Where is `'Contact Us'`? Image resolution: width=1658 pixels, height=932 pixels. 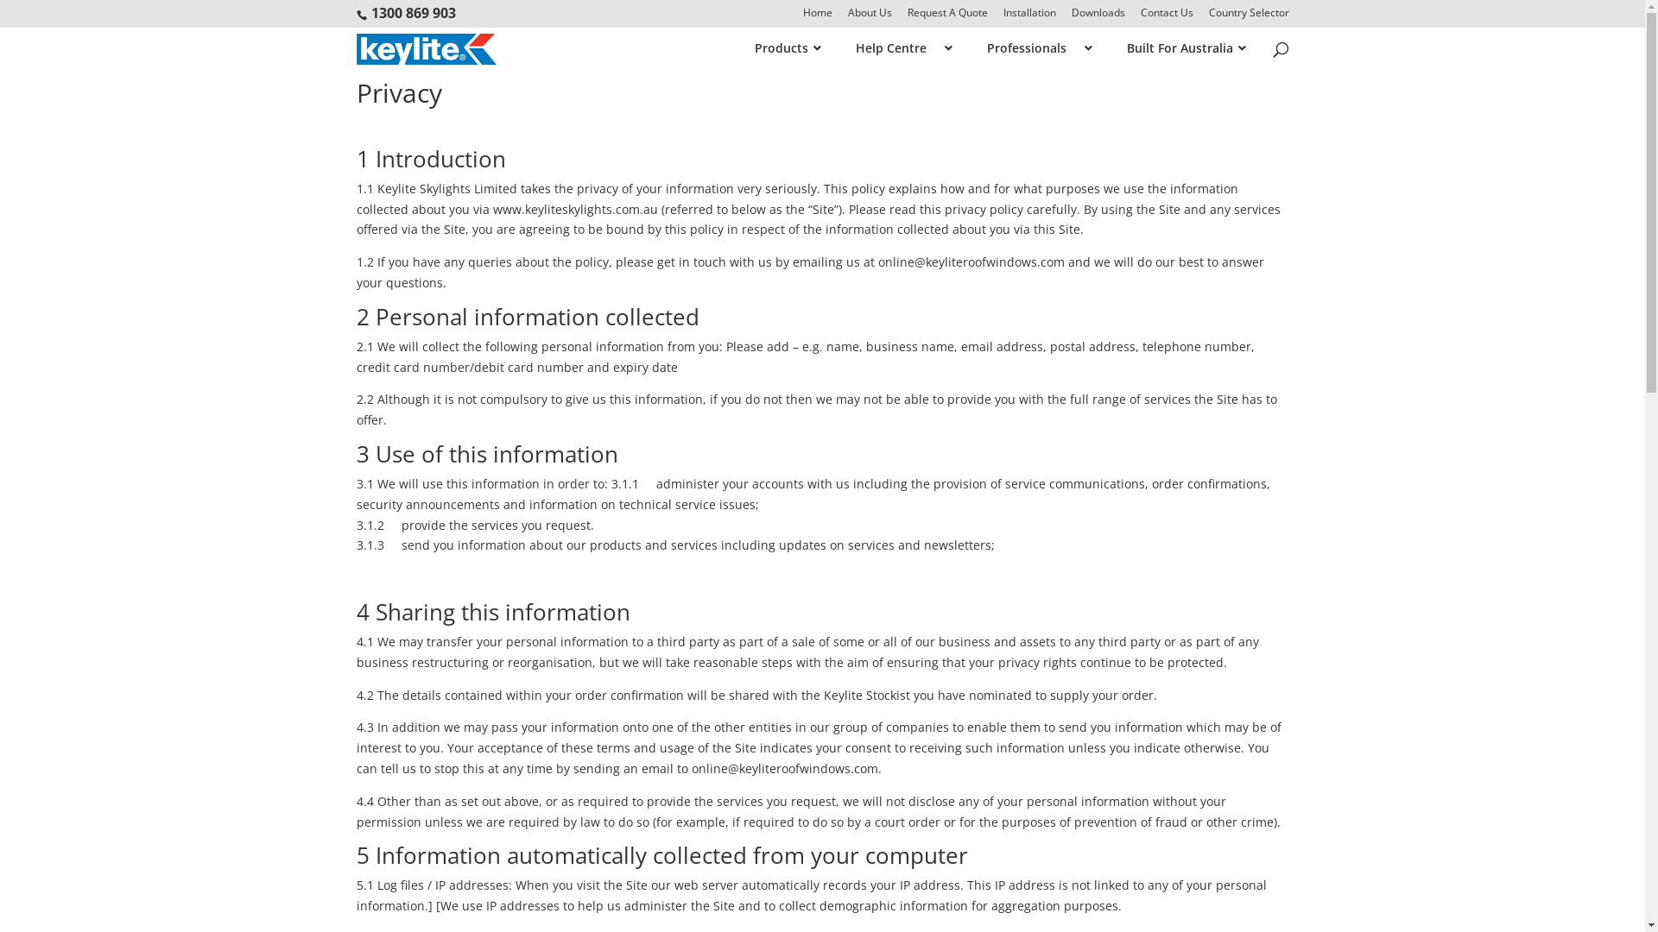 'Contact Us' is located at coordinates (1166, 16).